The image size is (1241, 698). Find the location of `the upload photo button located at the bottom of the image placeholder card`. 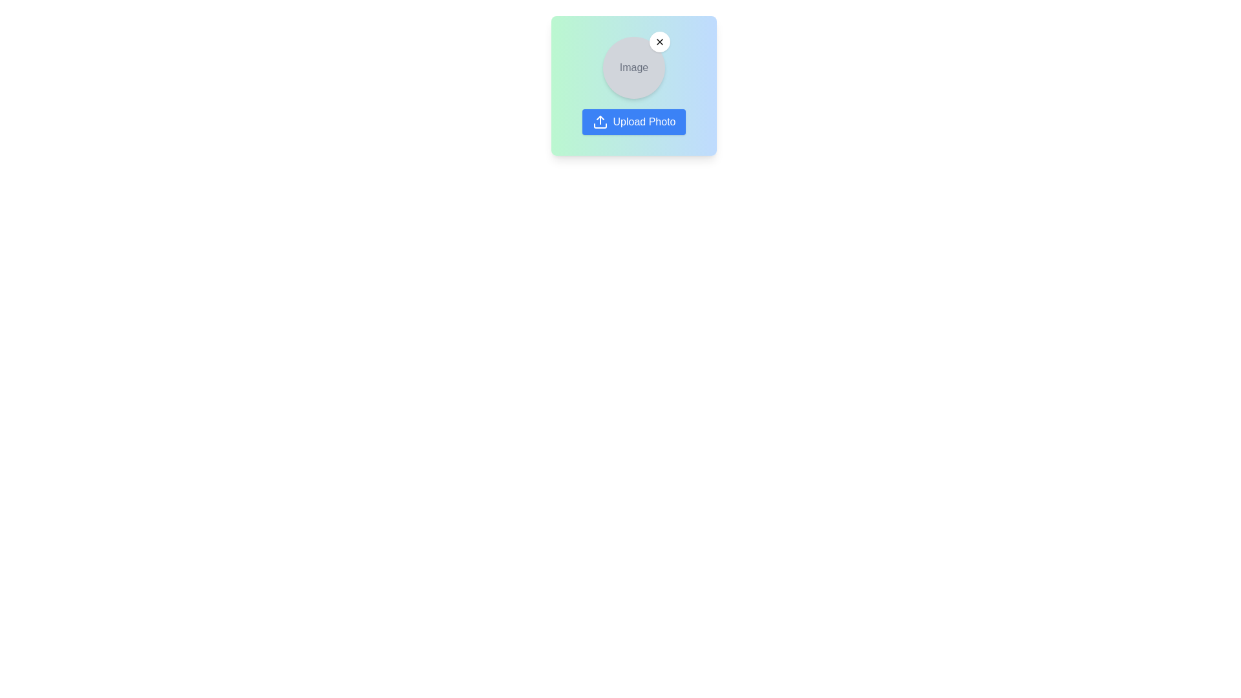

the upload photo button located at the bottom of the image placeholder card is located at coordinates (633, 122).